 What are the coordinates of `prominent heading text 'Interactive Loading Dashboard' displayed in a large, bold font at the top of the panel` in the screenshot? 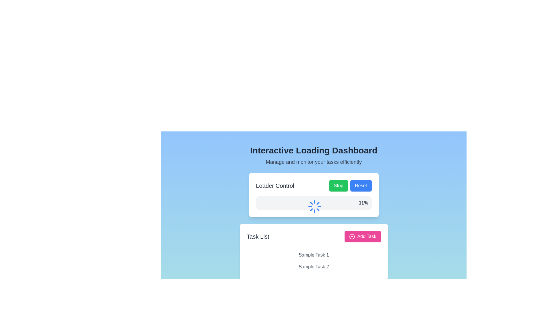 It's located at (313, 150).